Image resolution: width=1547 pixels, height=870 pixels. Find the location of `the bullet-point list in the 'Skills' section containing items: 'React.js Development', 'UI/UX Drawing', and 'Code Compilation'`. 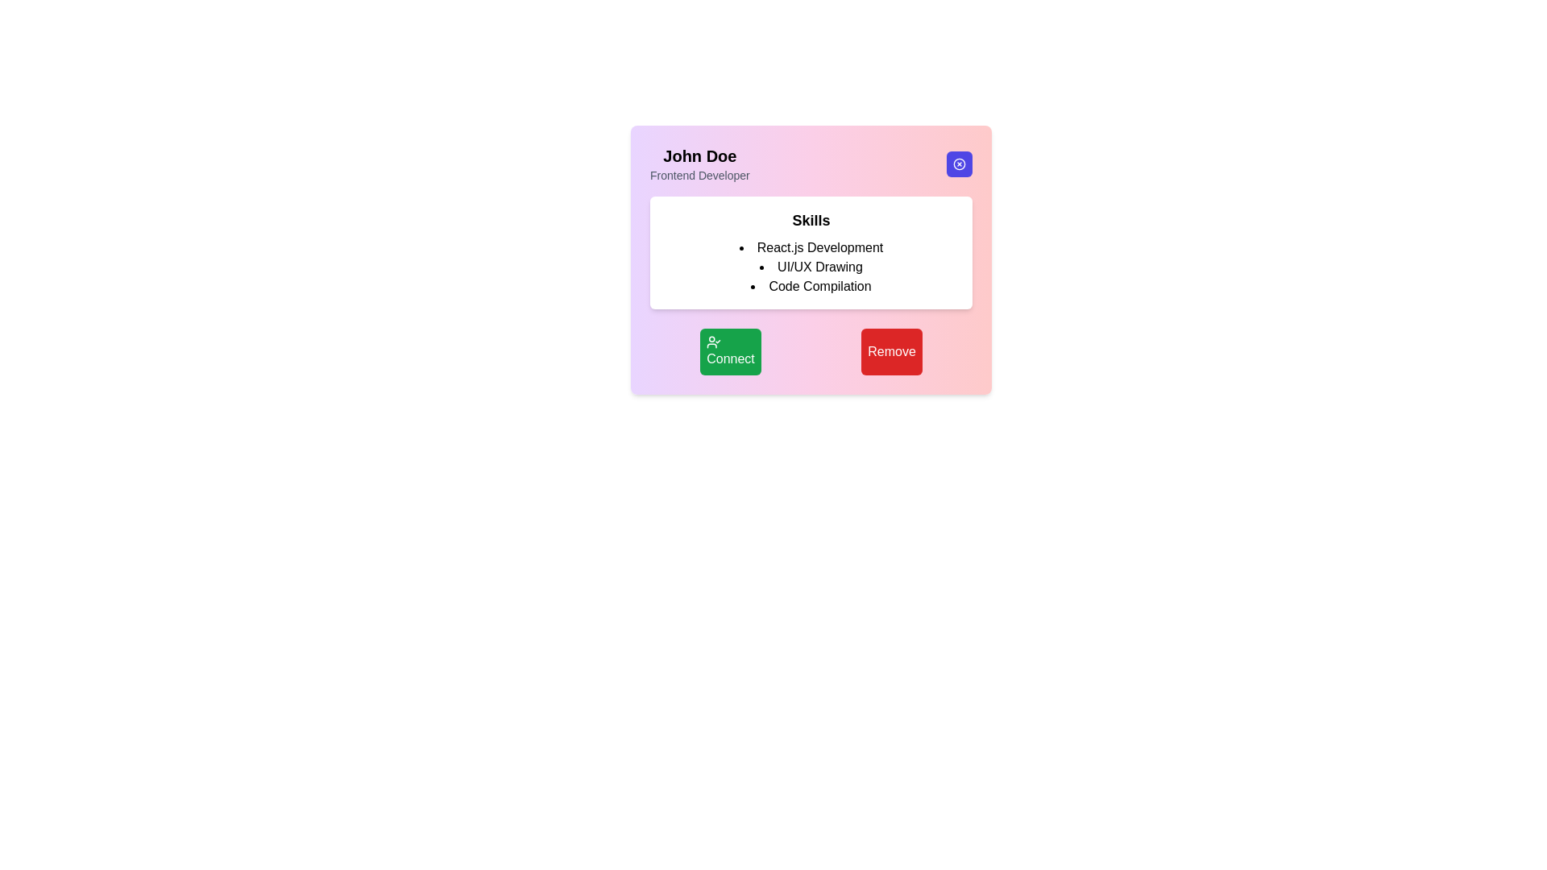

the bullet-point list in the 'Skills' section containing items: 'React.js Development', 'UI/UX Drawing', and 'Code Compilation' is located at coordinates (811, 266).